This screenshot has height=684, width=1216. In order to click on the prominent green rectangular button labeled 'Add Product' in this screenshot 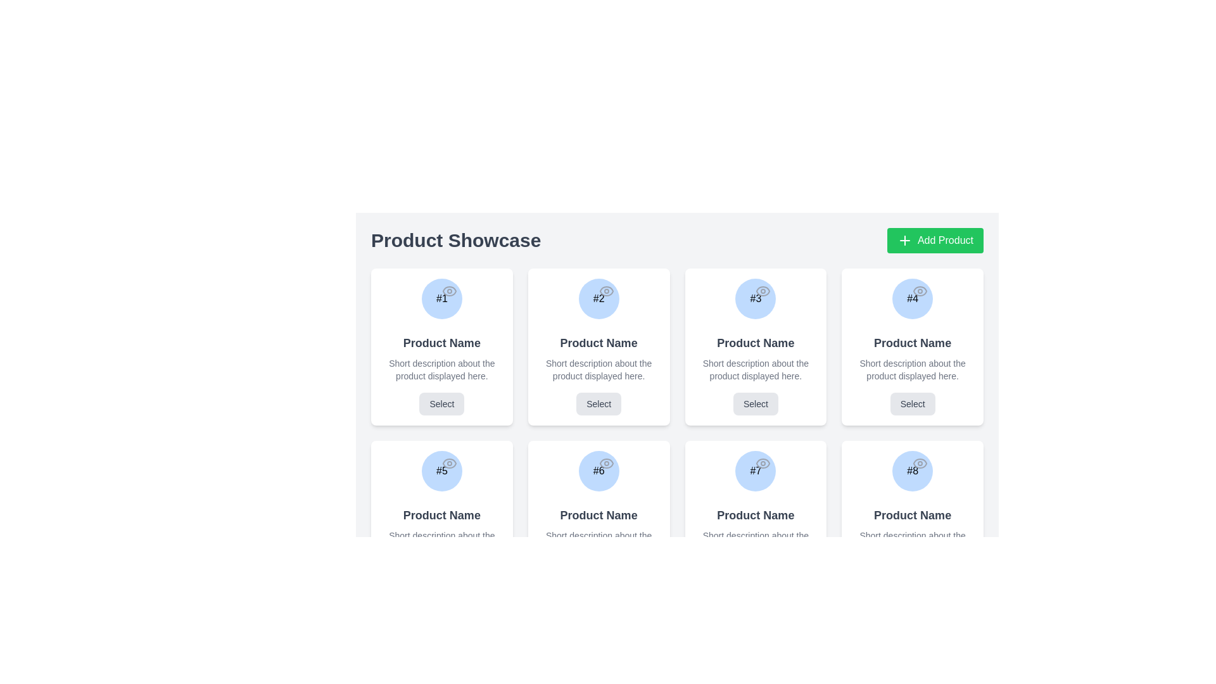, I will do `click(935, 241)`.